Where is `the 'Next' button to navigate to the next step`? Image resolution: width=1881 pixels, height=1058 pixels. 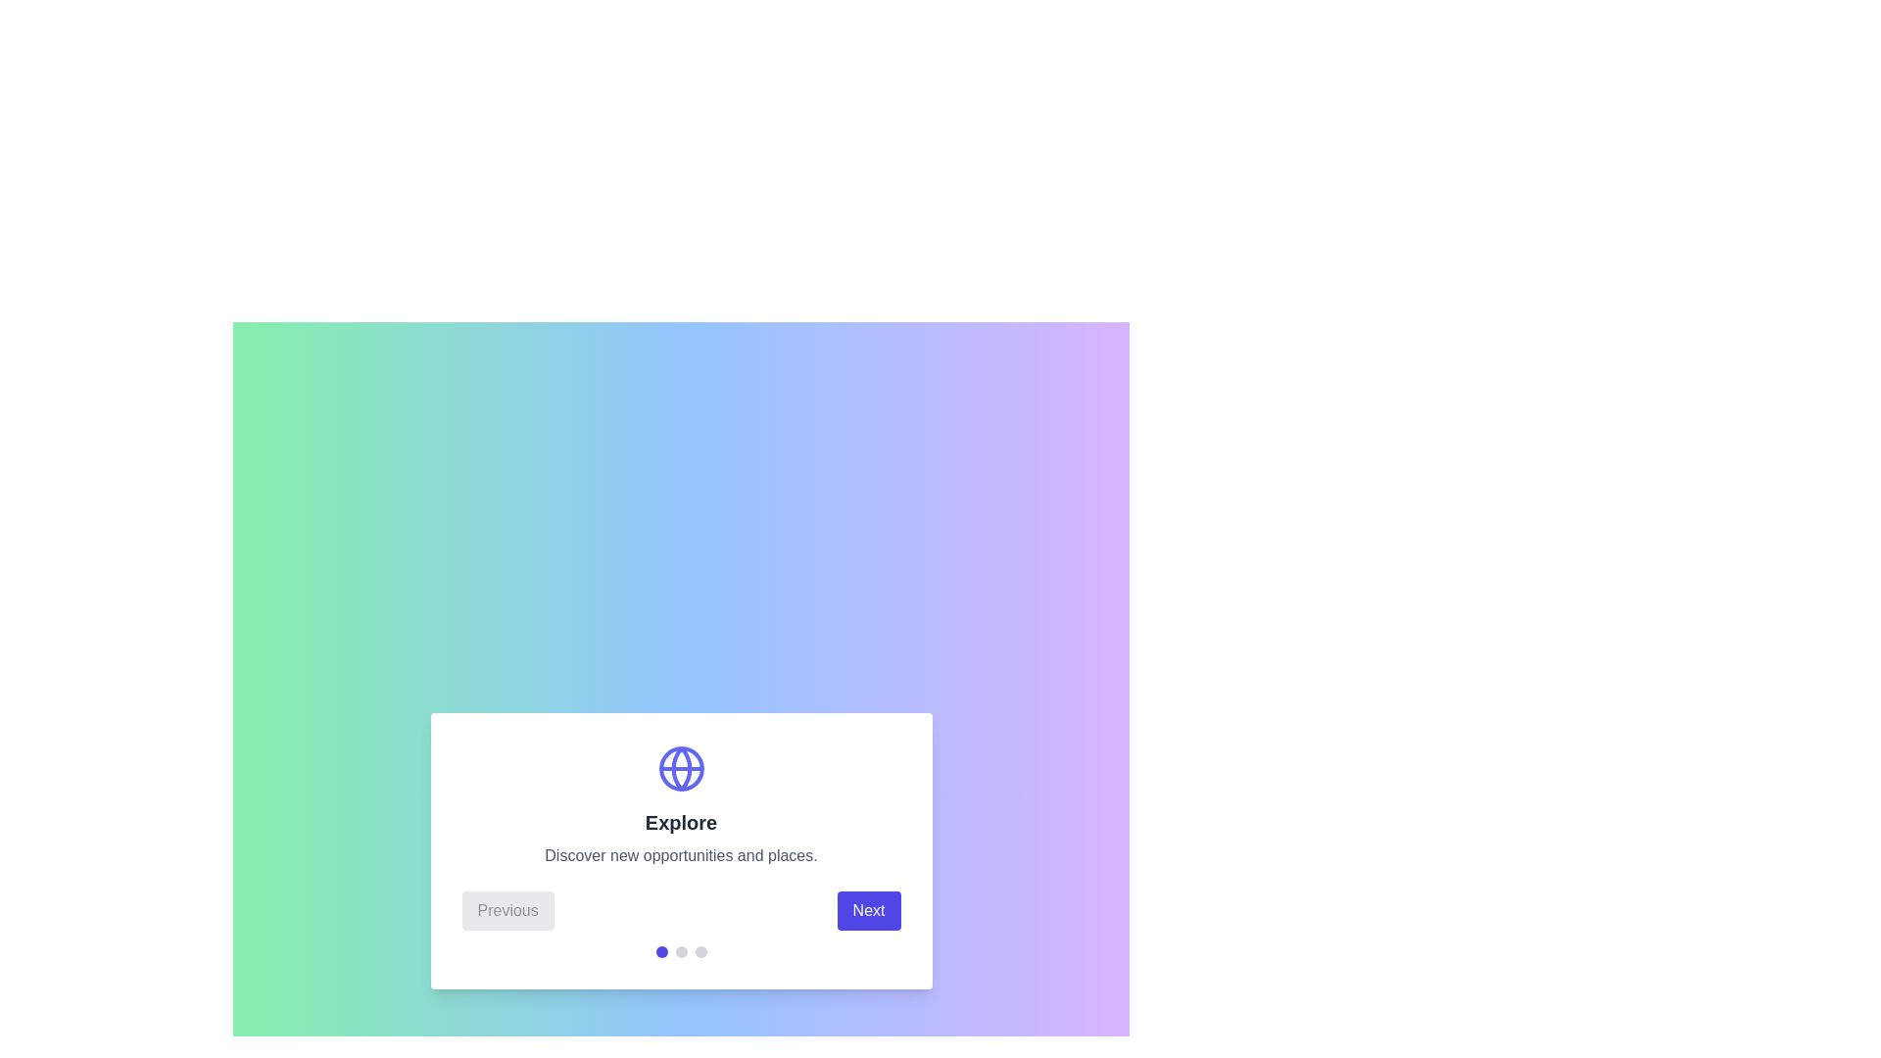
the 'Next' button to navigate to the next step is located at coordinates (868, 910).